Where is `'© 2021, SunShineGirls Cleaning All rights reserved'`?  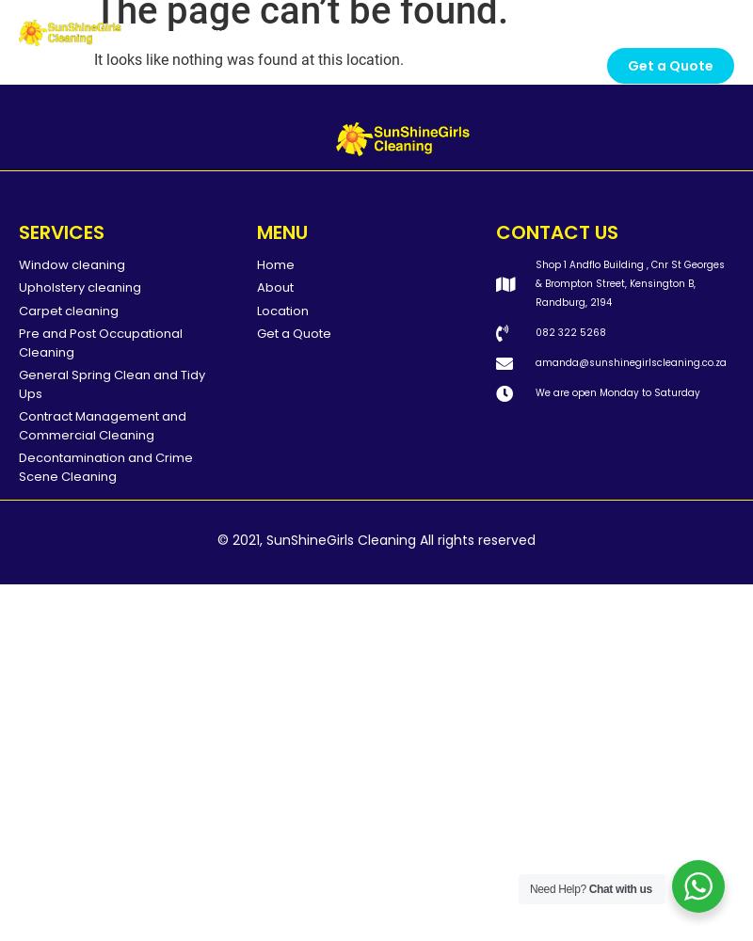 '© 2021, SunShineGirls Cleaning All rights reserved' is located at coordinates (217, 539).